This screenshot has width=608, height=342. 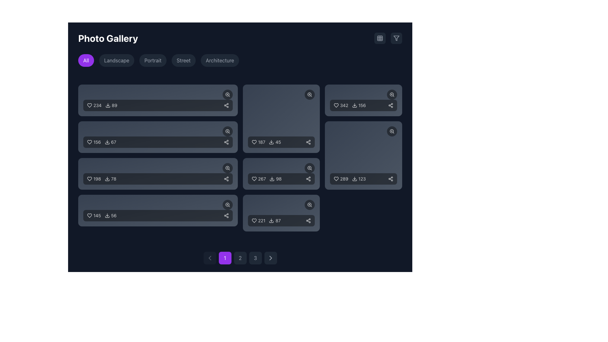 What do you see at coordinates (278, 220) in the screenshot?
I see `the static text label displaying the download count located at the bottom-right corner of the dark rectangular card in the photo grid interface` at bounding box center [278, 220].